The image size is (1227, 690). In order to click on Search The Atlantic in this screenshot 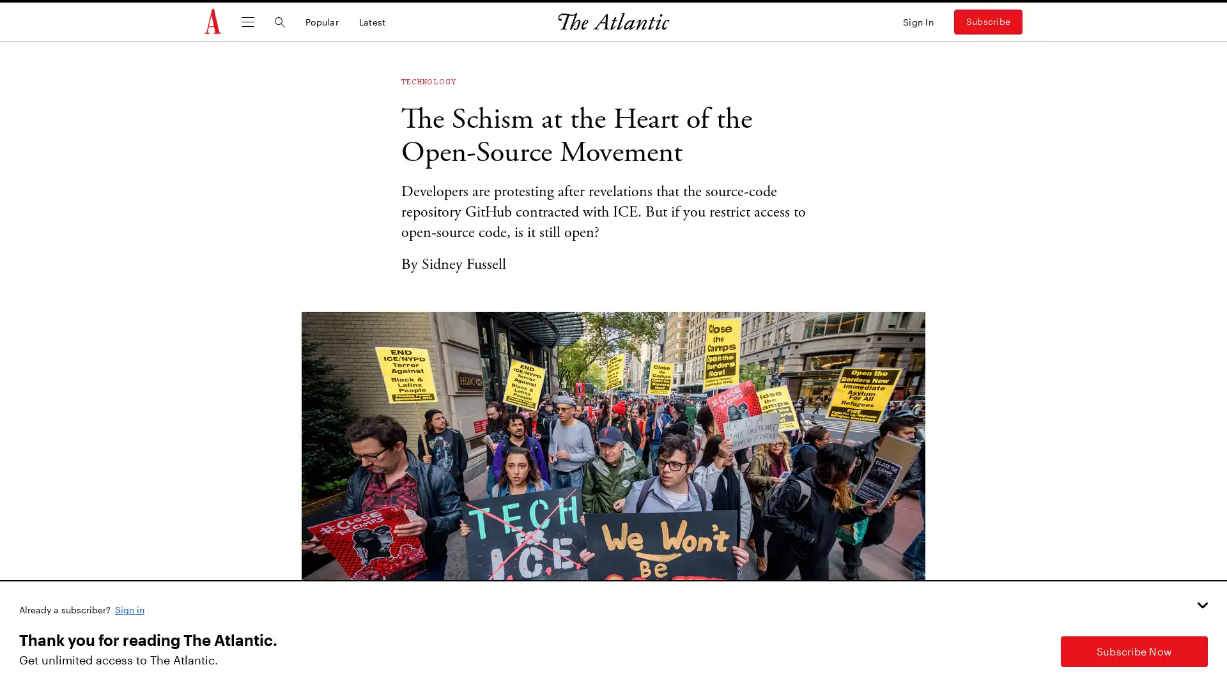, I will do `click(279, 22)`.